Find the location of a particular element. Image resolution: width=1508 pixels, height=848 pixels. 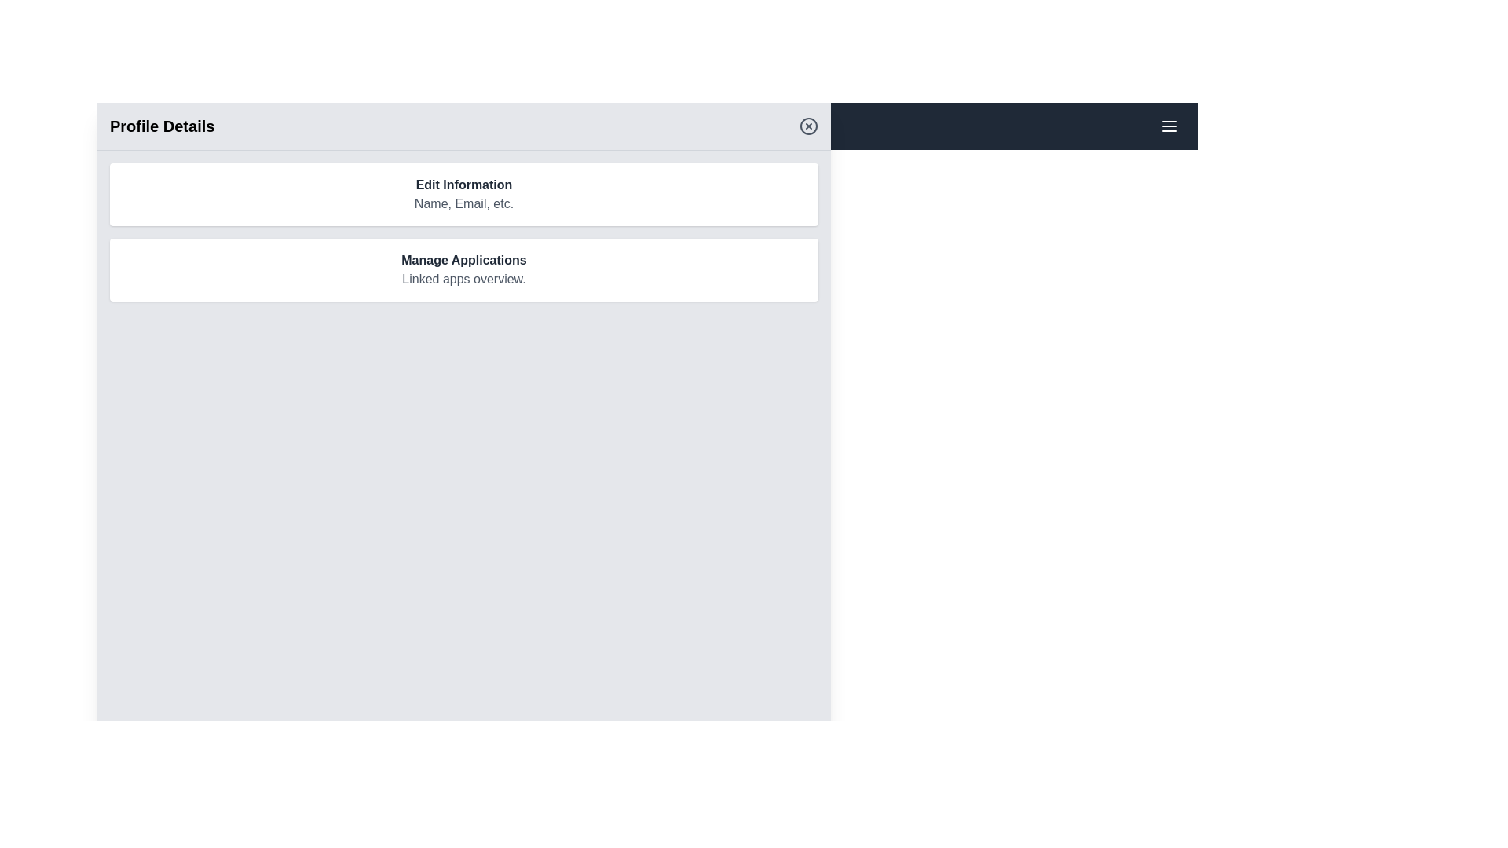

the Hamburger Menu Icon, which is represented by three horizontal lines stacked vertically and is located on the far right of the header bar is located at coordinates (1169, 126).